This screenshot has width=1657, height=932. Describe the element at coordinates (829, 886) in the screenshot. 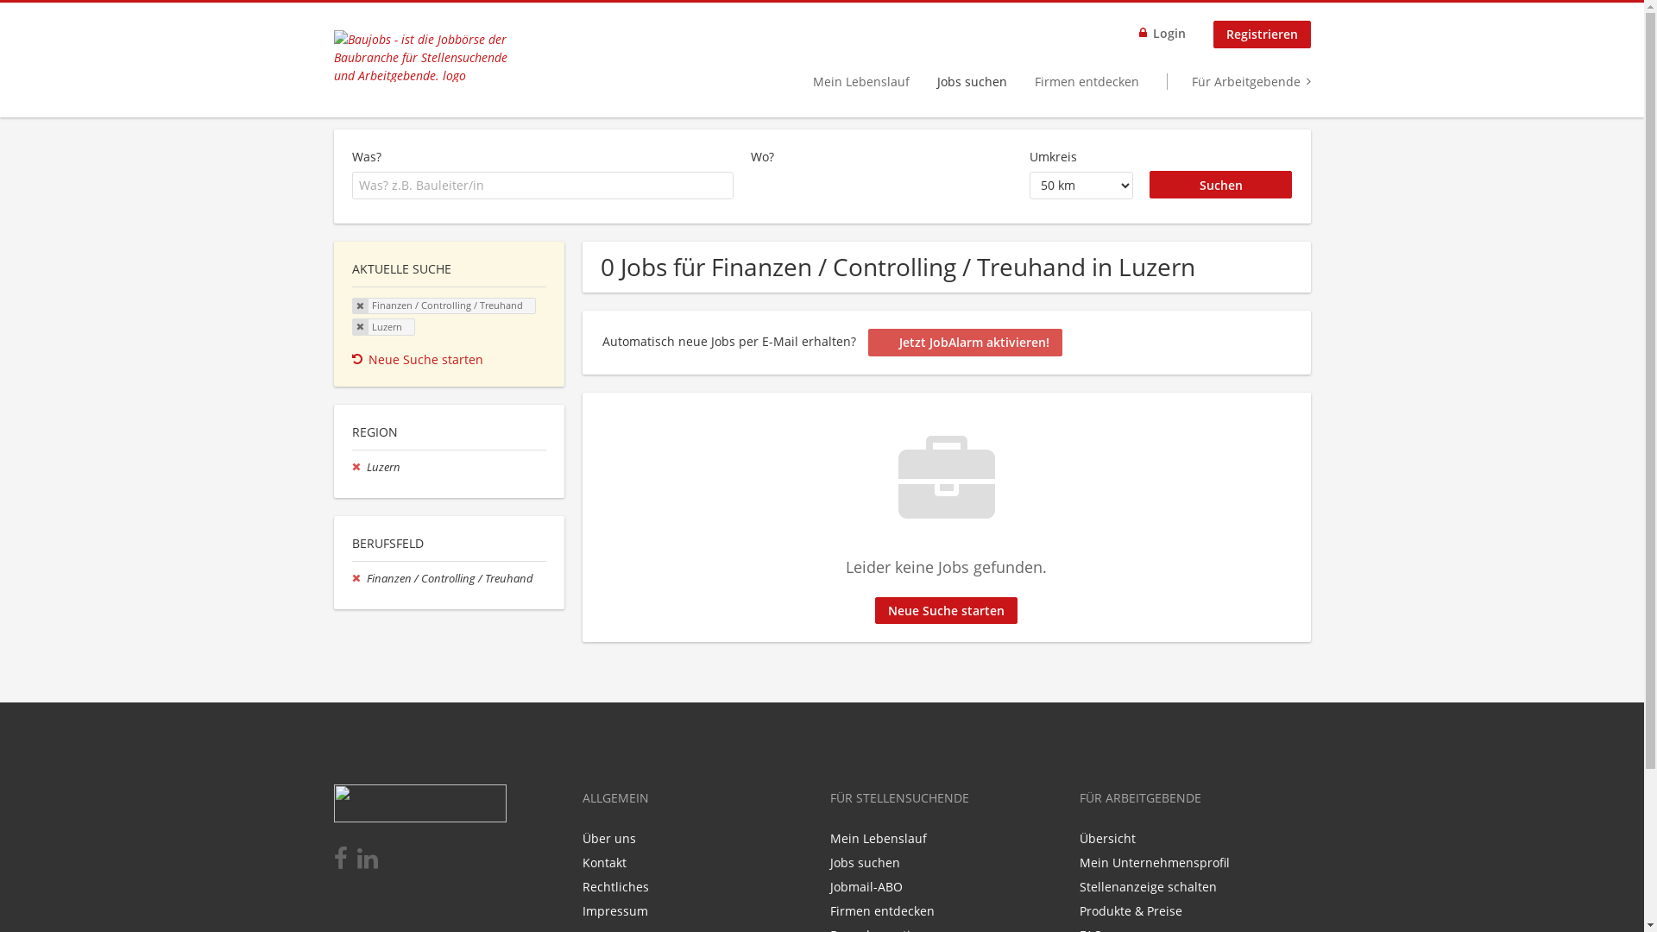

I see `'Jobmail-ABO'` at that location.